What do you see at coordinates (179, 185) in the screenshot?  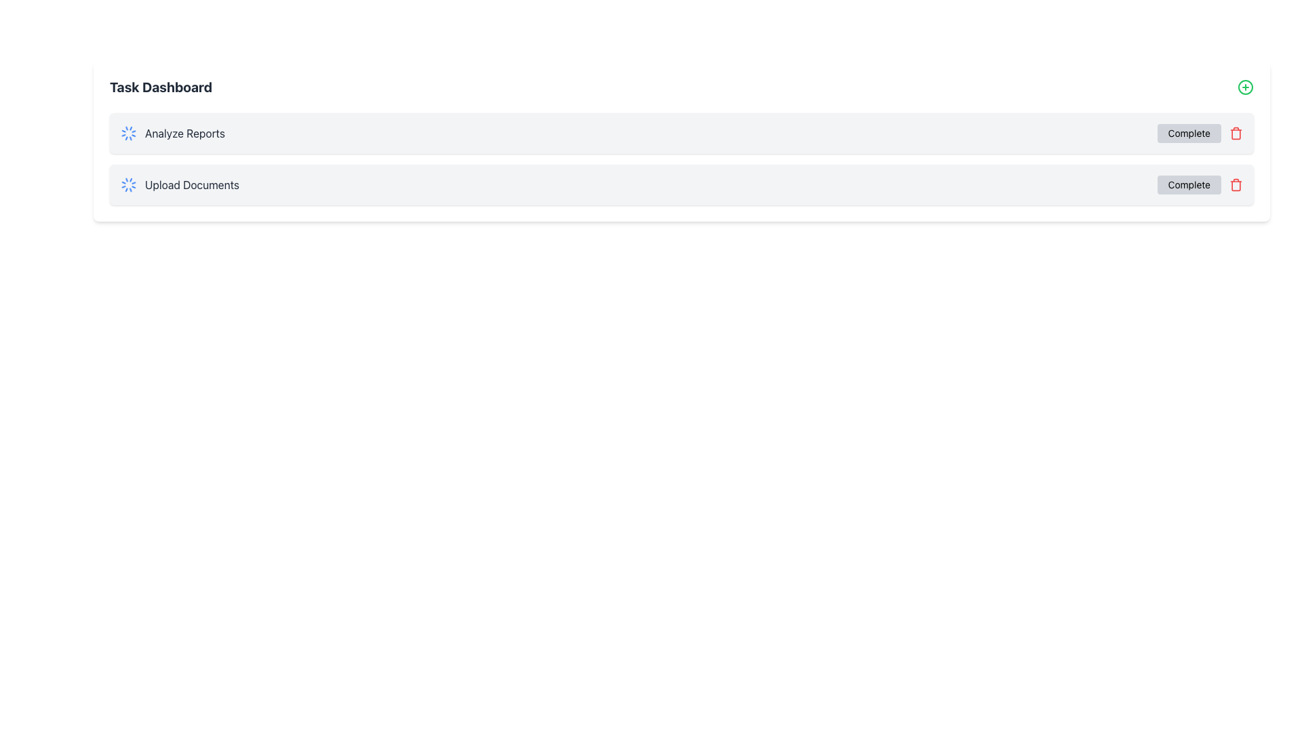 I see `the status of the document uploading process displayed in the second item of the vertical list within the 'Task Dashboard' box` at bounding box center [179, 185].